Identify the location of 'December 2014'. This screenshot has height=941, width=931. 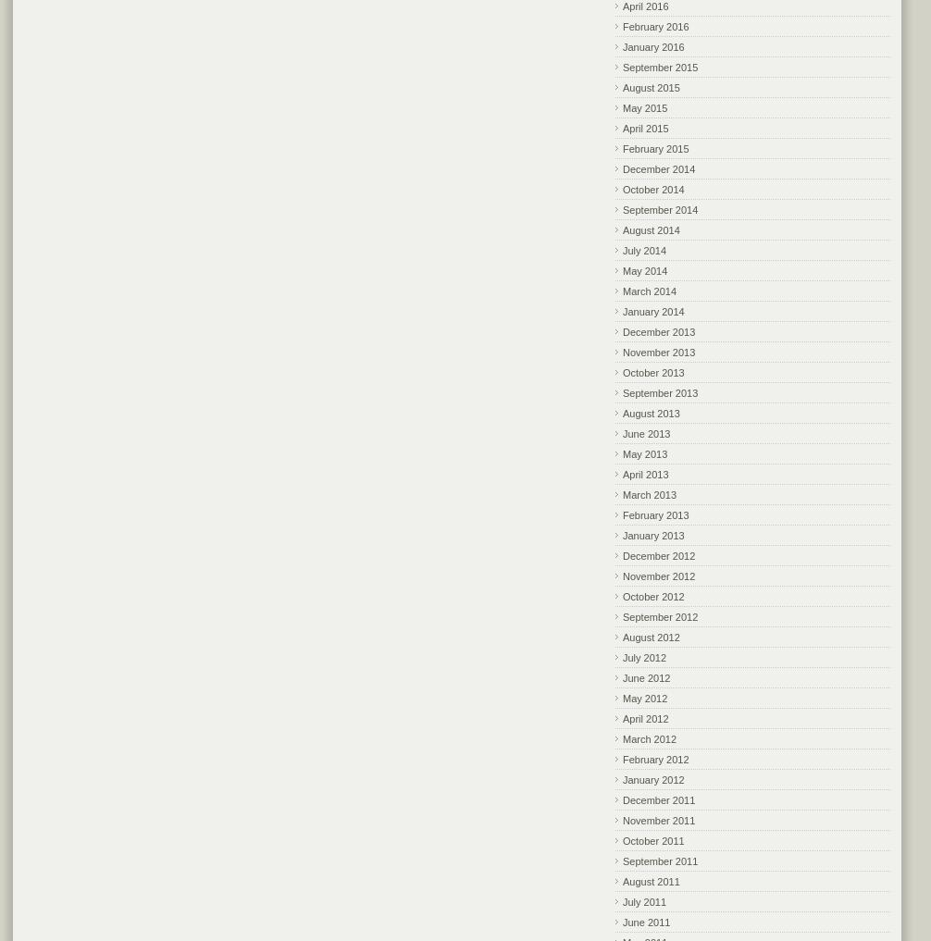
(659, 168).